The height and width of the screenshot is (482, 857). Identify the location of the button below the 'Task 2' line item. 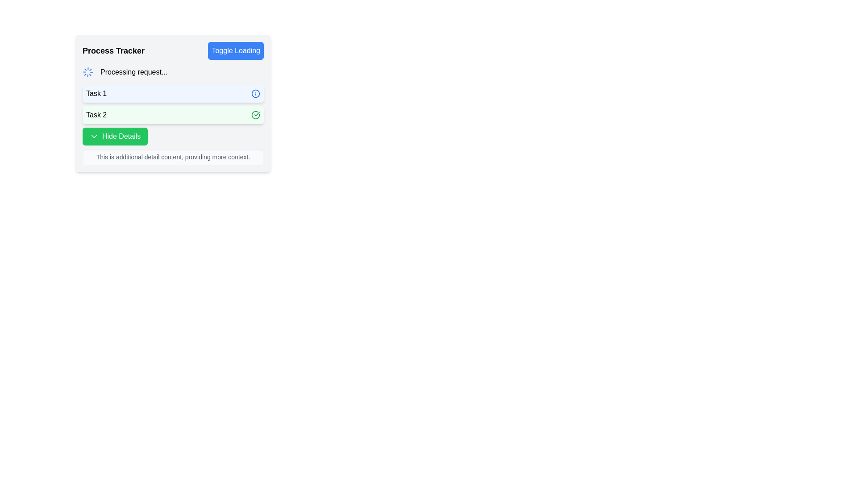
(115, 136).